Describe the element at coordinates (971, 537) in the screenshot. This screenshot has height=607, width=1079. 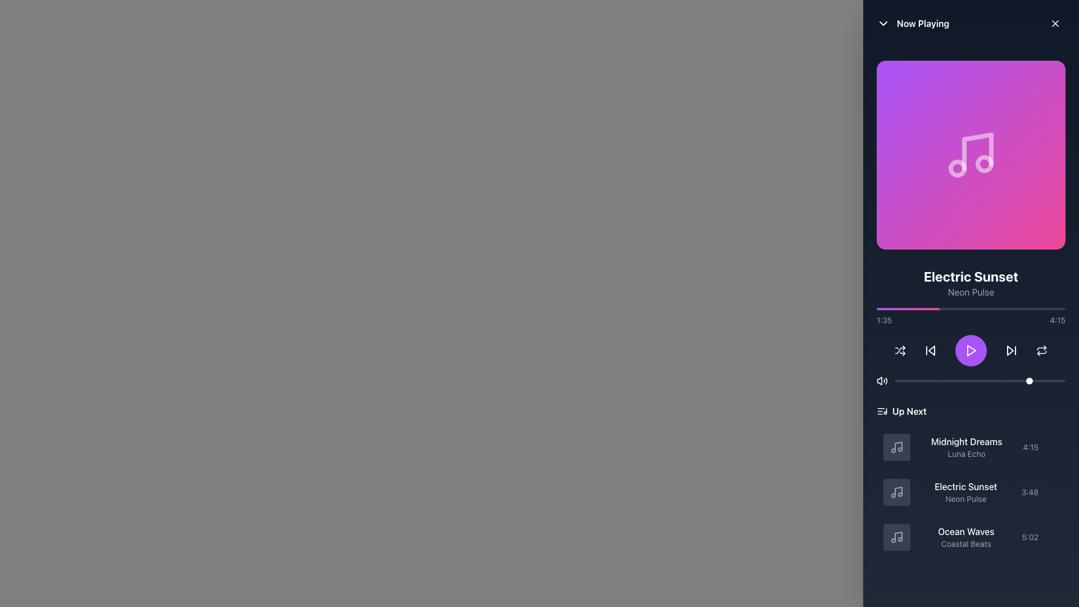
I see `the title of the third music item in the 'Up Next' list` at that location.